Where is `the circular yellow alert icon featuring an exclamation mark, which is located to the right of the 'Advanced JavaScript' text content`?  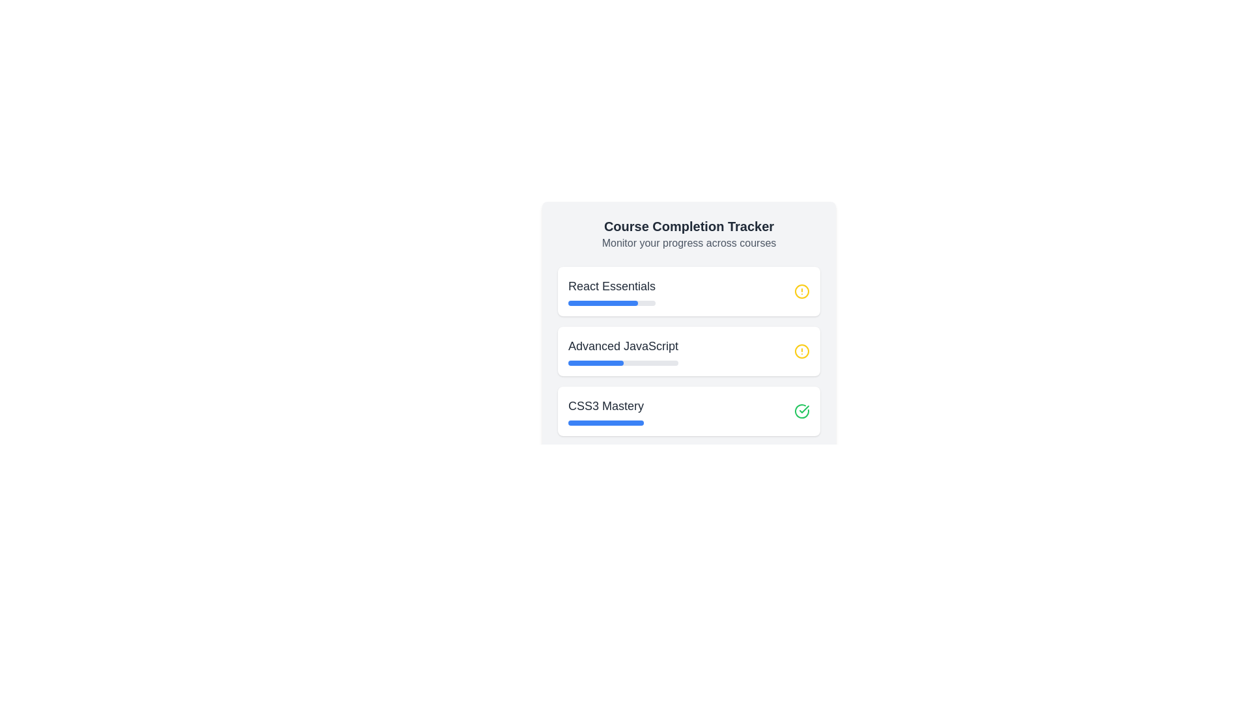 the circular yellow alert icon featuring an exclamation mark, which is located to the right of the 'Advanced JavaScript' text content is located at coordinates (801, 351).